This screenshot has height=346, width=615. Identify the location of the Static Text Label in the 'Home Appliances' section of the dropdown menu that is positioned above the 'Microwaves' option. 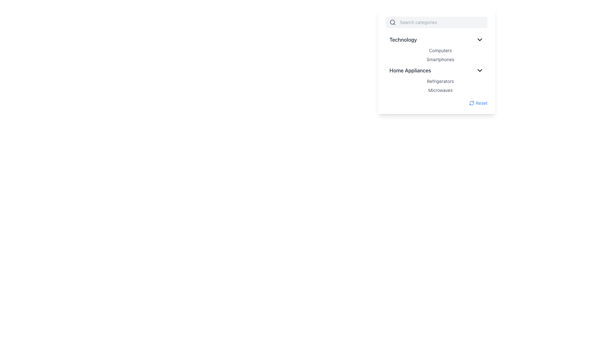
(440, 81).